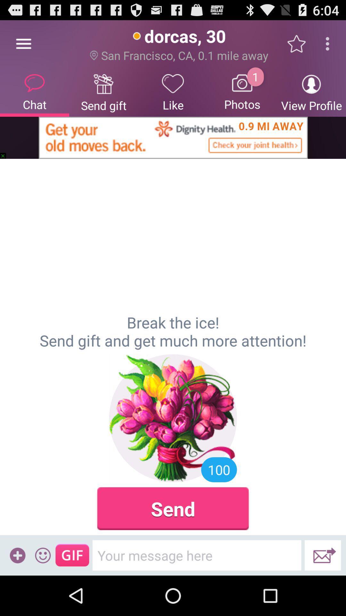  I want to click on the item below the san francisco ca, so click(173, 91).